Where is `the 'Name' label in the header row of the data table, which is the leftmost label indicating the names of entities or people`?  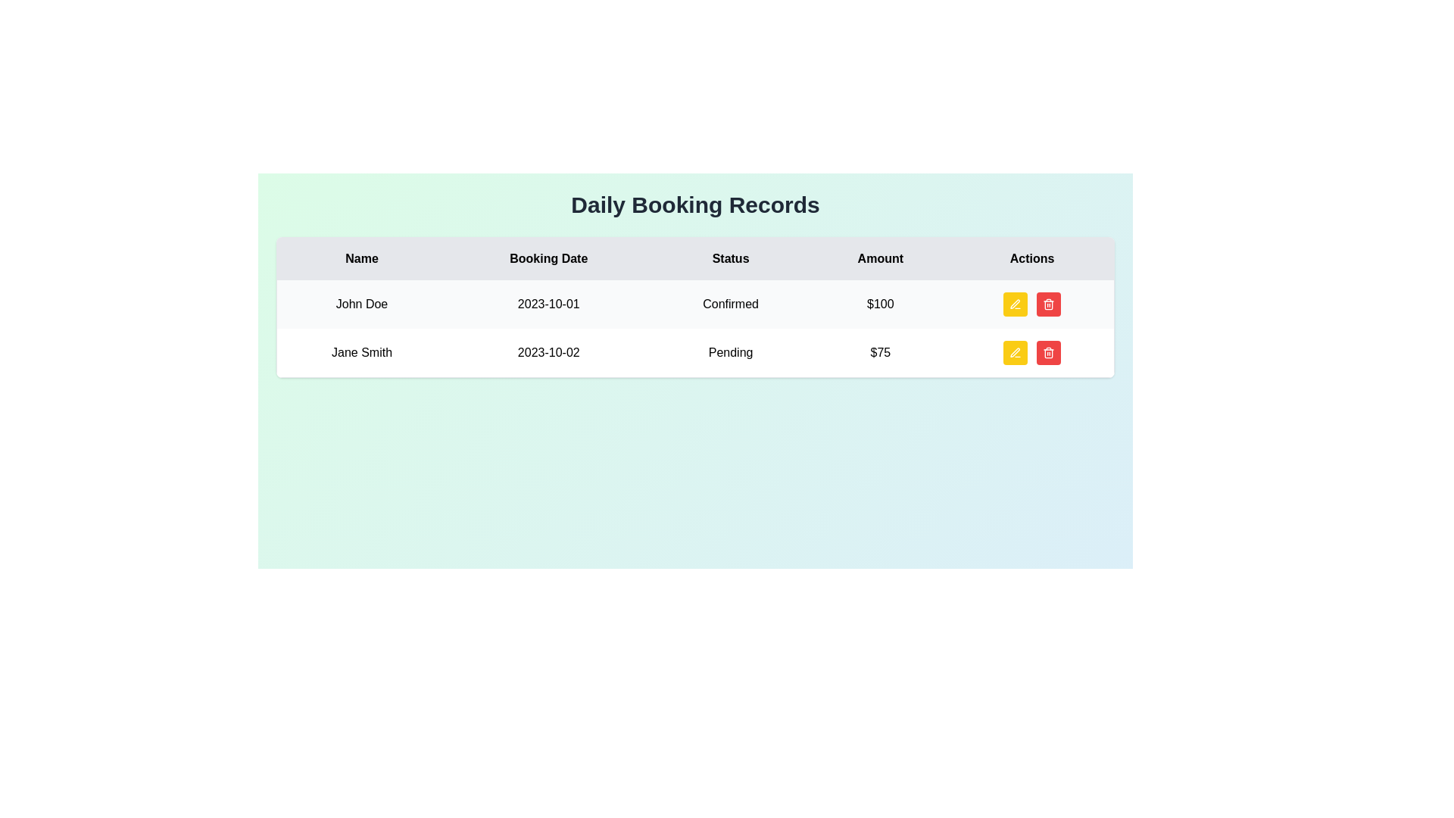
the 'Name' label in the header row of the data table, which is the leftmost label indicating the names of entities or people is located at coordinates (360, 258).